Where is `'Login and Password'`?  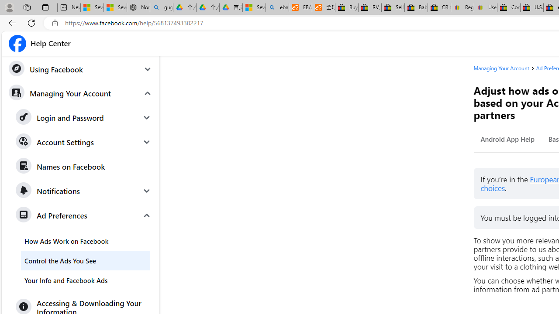
'Login and Password' is located at coordinates (84, 118).